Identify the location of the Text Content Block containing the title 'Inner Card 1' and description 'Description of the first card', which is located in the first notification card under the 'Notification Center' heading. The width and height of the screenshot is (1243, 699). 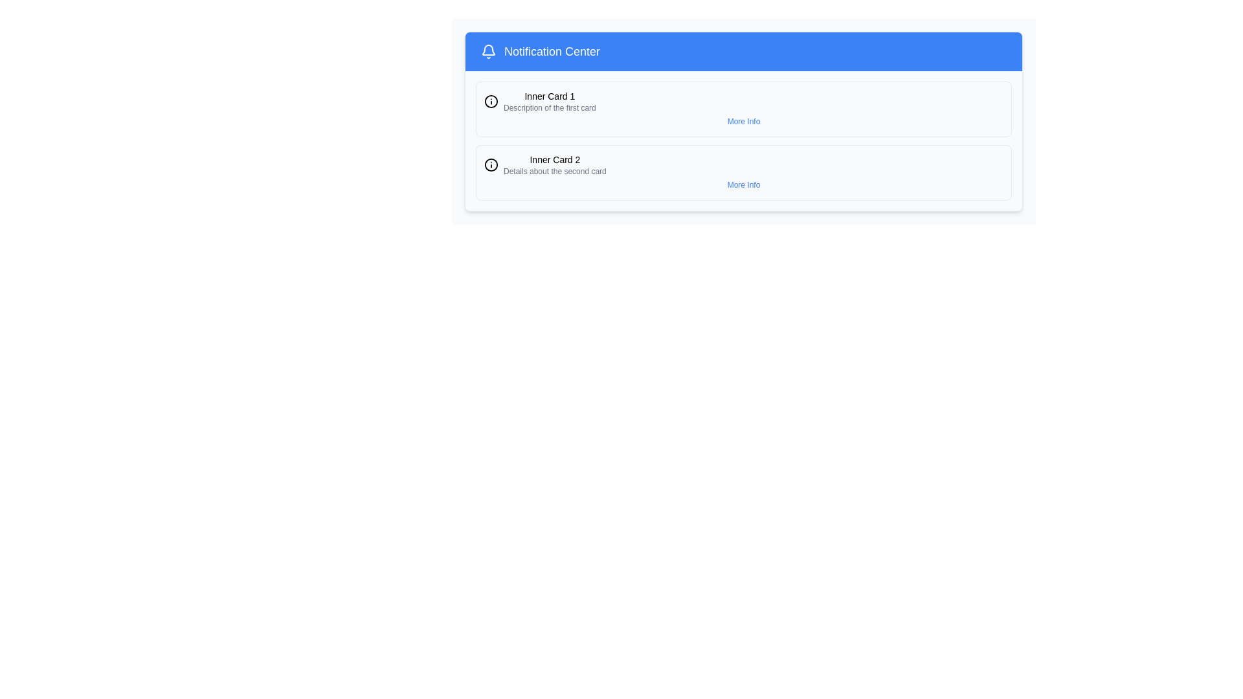
(550, 101).